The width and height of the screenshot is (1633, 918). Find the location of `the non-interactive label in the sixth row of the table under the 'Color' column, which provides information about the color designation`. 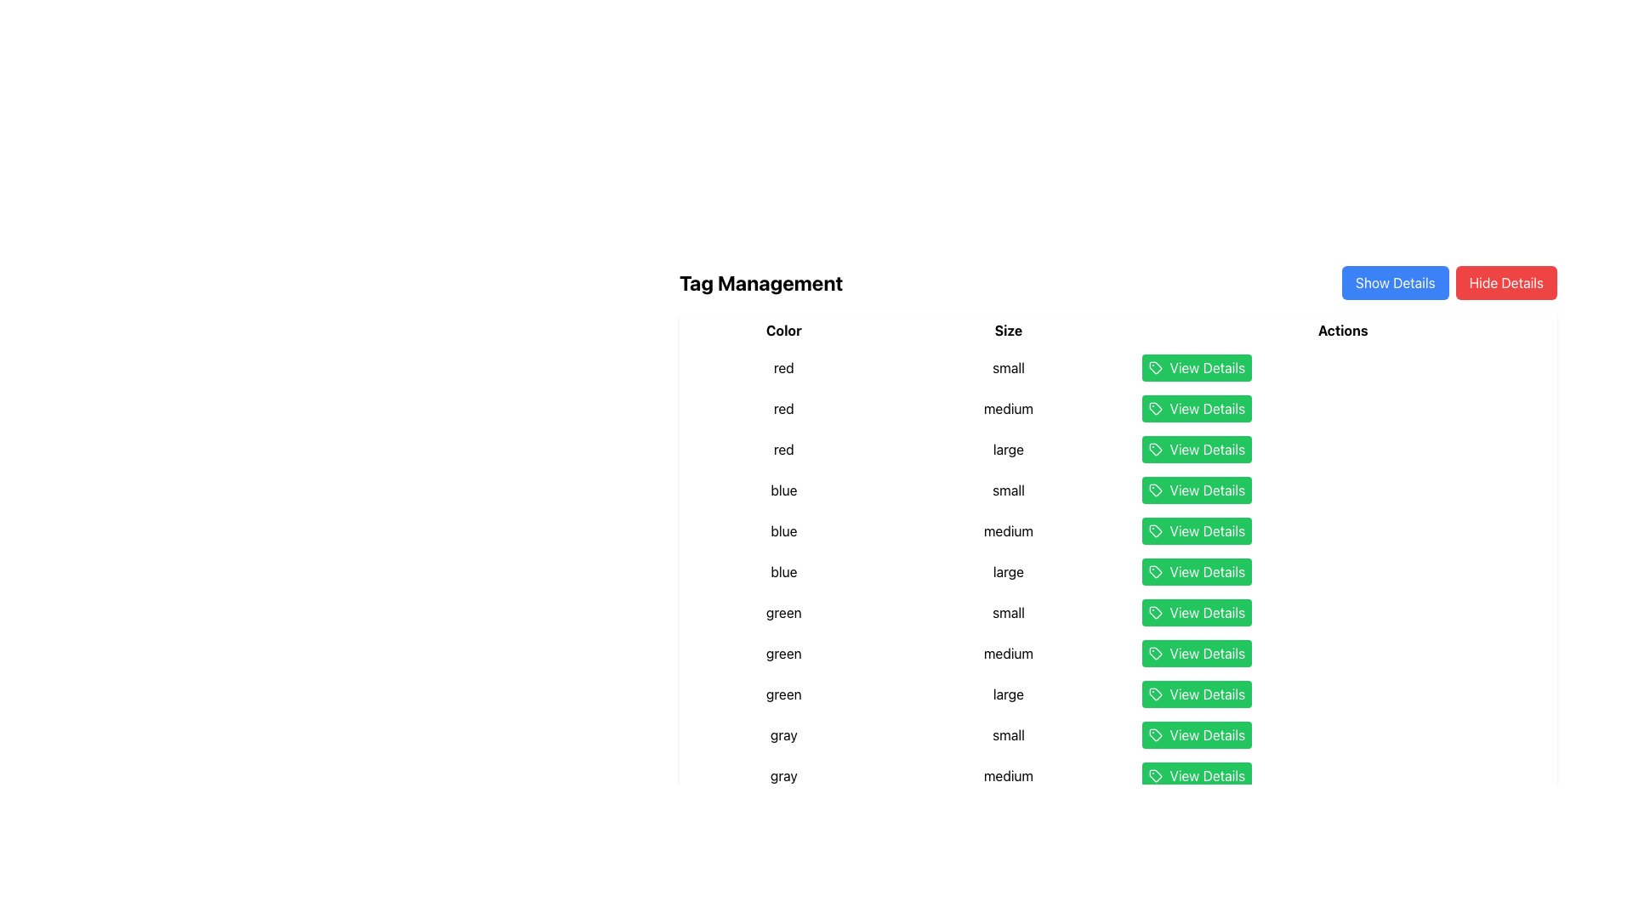

the non-interactive label in the sixth row of the table under the 'Color' column, which provides information about the color designation is located at coordinates (782, 613).